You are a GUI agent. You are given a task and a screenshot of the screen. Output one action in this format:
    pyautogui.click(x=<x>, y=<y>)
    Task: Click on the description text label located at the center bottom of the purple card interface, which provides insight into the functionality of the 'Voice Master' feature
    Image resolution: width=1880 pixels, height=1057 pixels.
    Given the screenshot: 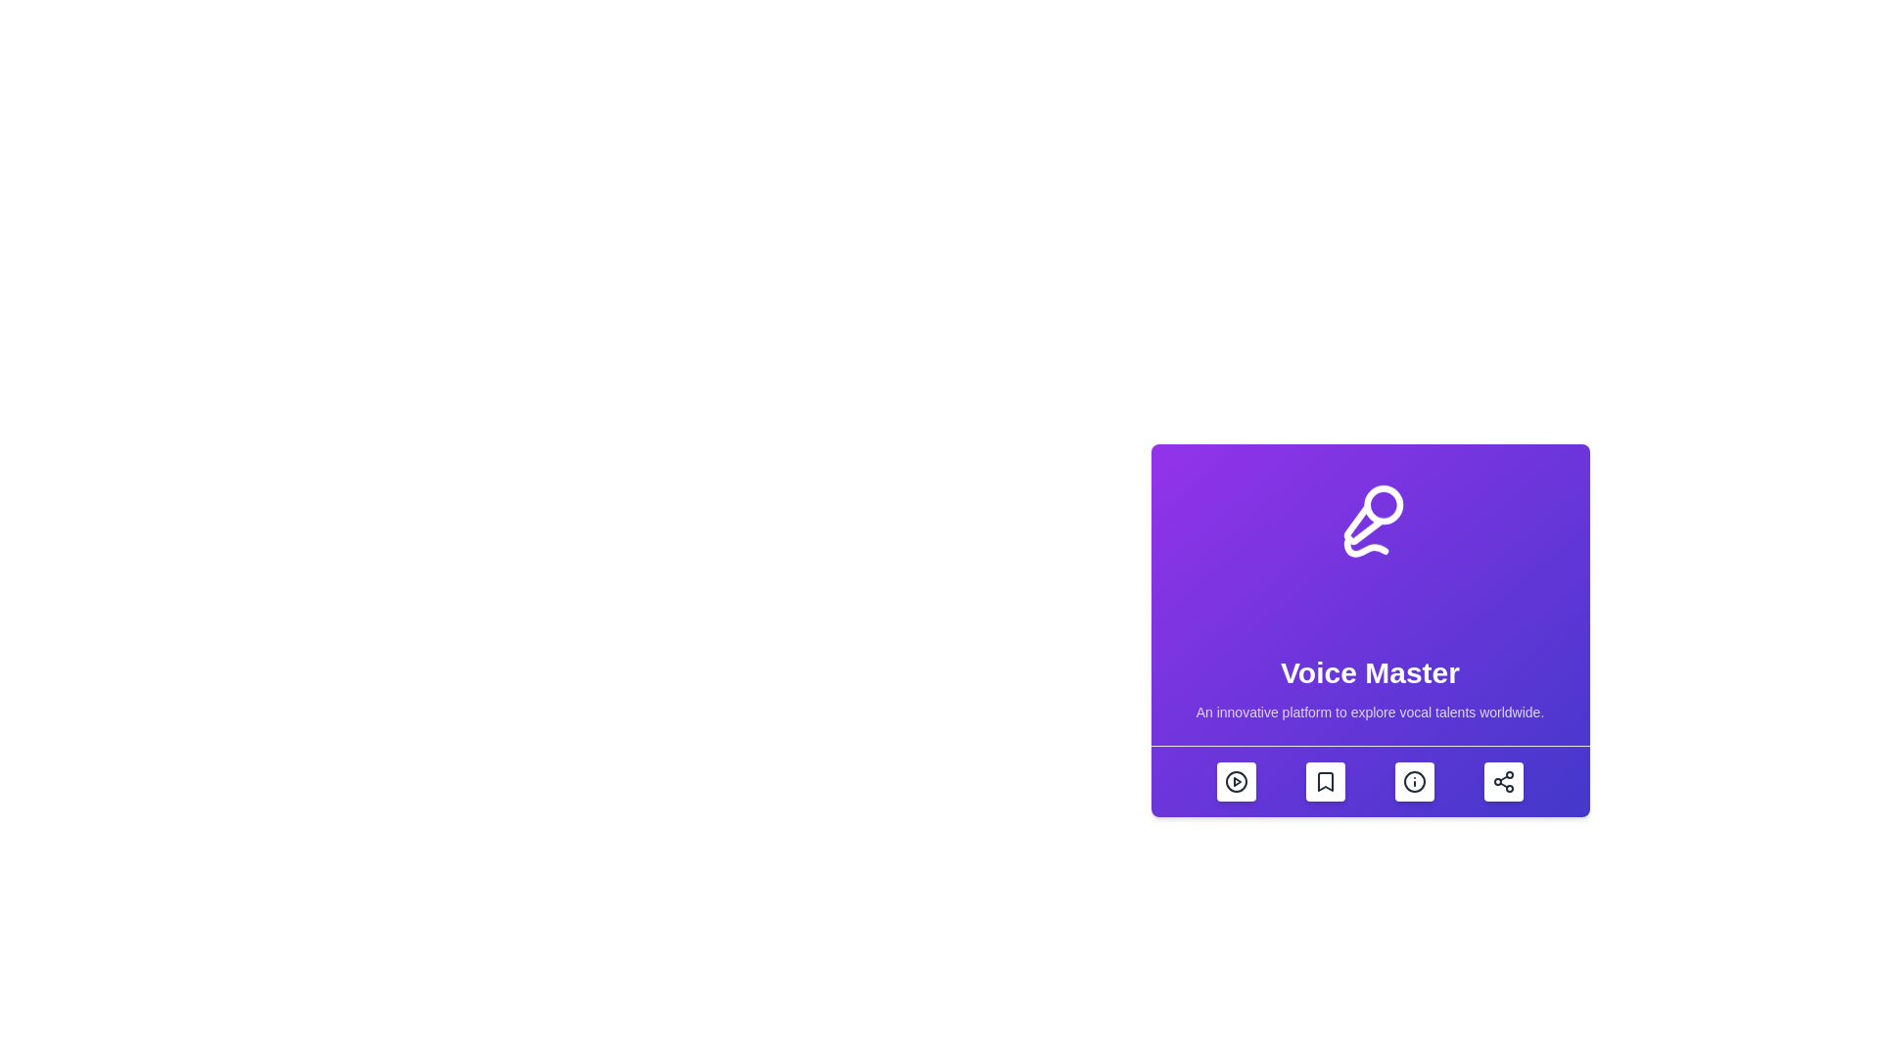 What is the action you would take?
    pyautogui.click(x=1369, y=712)
    